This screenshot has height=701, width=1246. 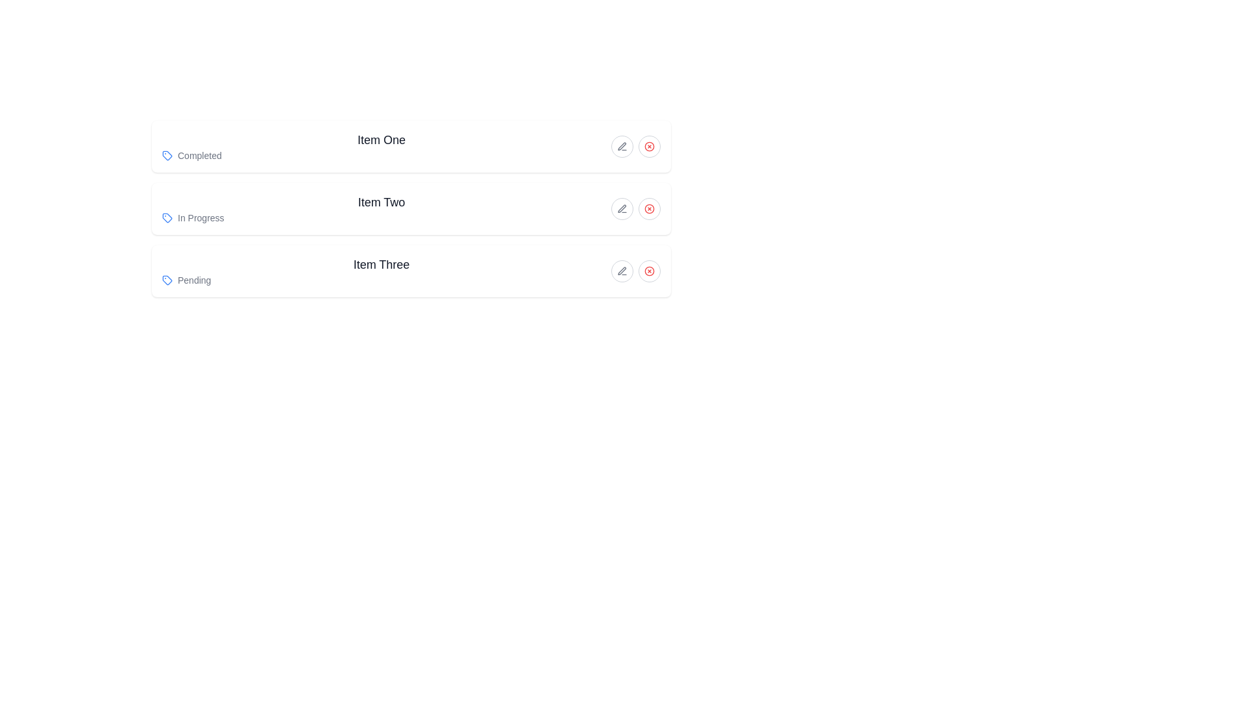 I want to click on the informational text component that displays 'Item One Completed', which has bold 'Item One' and smaller gray 'Completed' text, located above 'Item Two' and 'Item Three', so click(x=381, y=146).